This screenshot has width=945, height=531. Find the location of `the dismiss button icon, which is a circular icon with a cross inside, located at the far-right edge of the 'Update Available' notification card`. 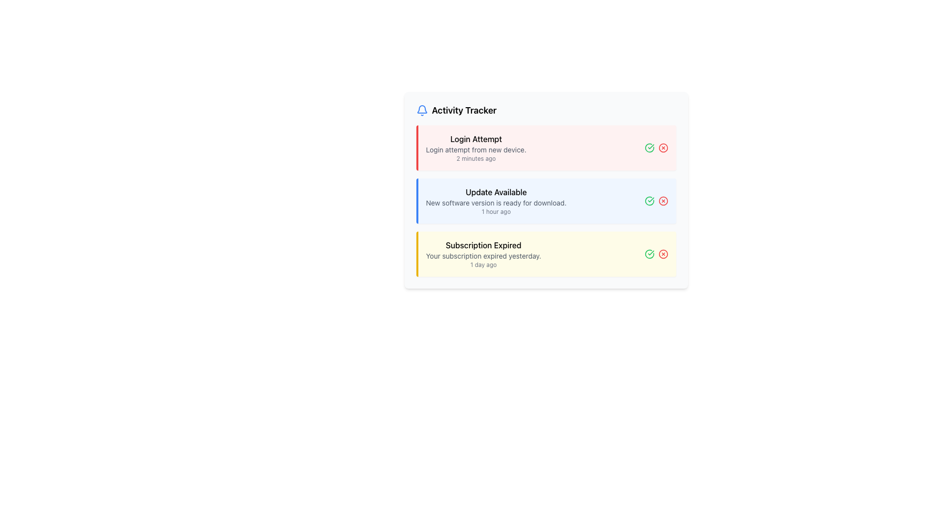

the dismiss button icon, which is a circular icon with a cross inside, located at the far-right edge of the 'Update Available' notification card is located at coordinates (663, 200).